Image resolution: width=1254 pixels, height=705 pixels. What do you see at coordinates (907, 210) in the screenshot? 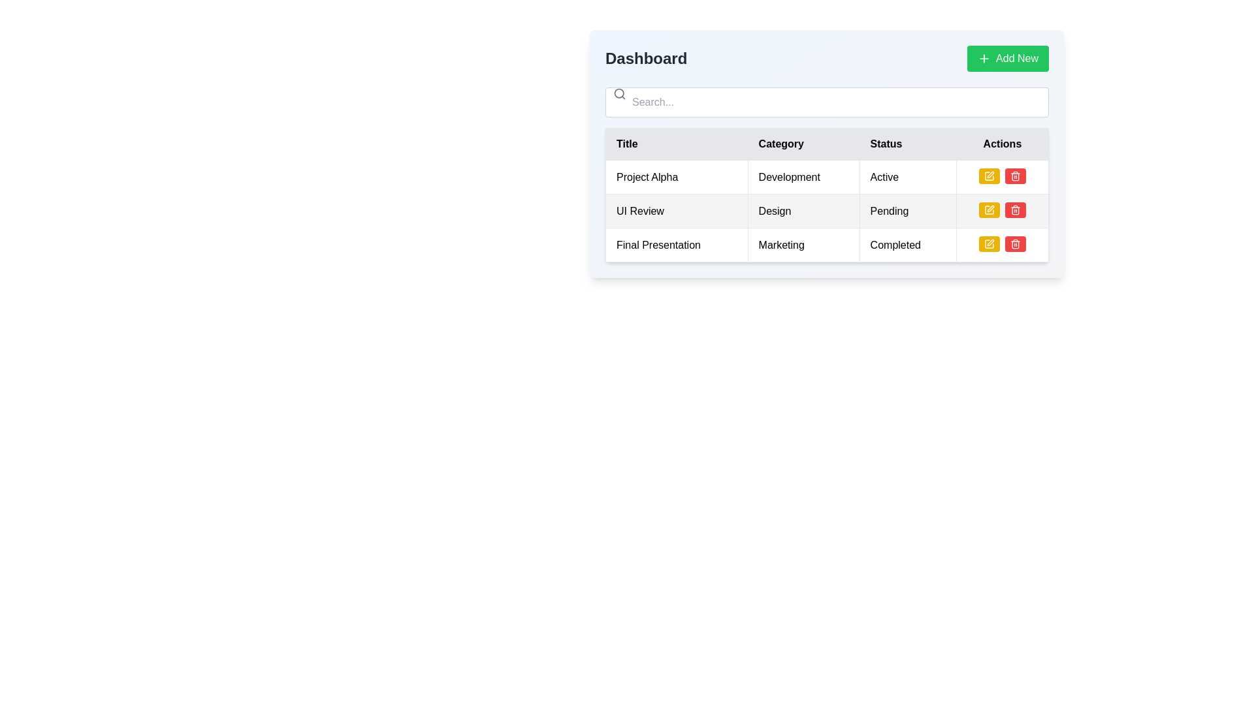
I see `text content of the table cell containing 'Pending', which is the third cell in the second row under the 'Status' column` at bounding box center [907, 210].